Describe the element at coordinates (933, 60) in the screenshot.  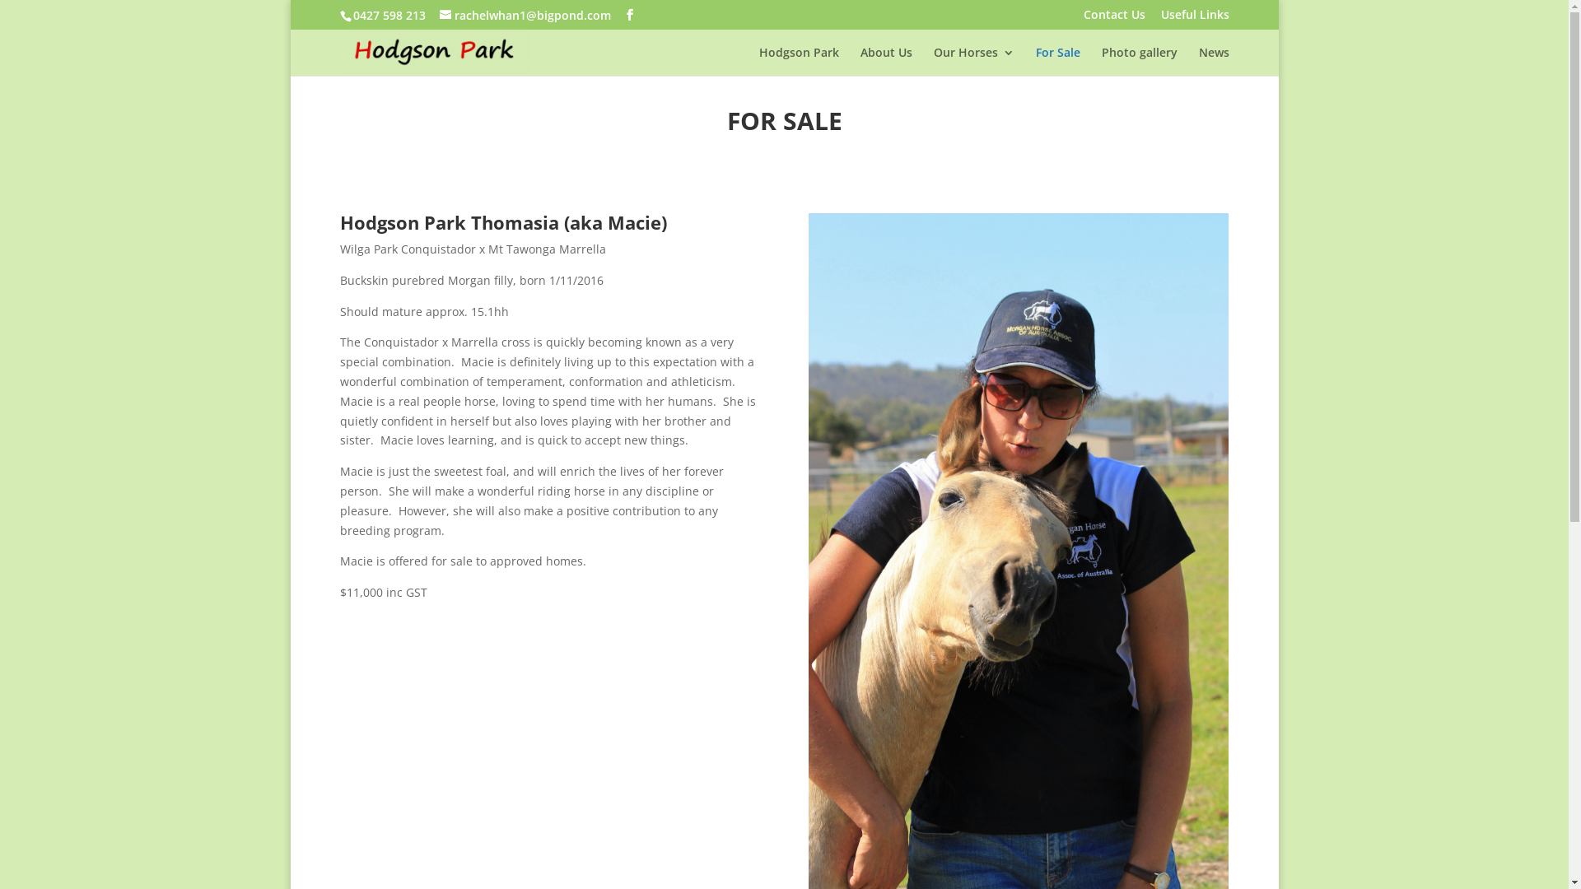
I see `'Our Horses'` at that location.